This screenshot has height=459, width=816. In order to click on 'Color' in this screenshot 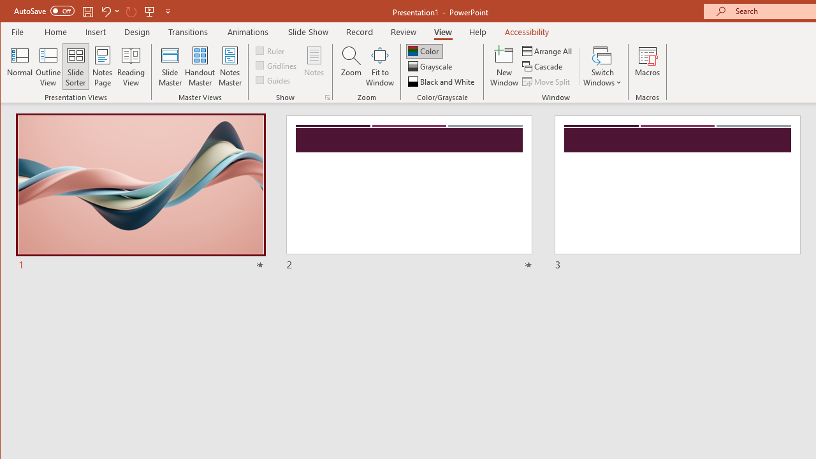, I will do `click(425, 50)`.